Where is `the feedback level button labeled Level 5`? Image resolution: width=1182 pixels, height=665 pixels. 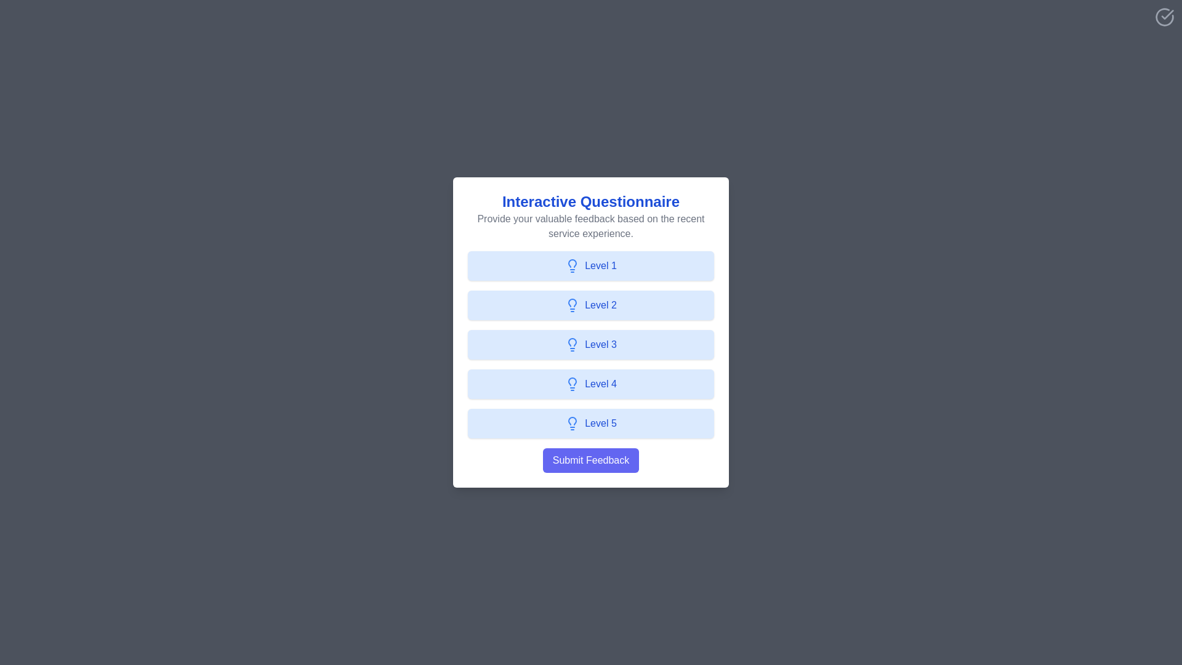 the feedback level button labeled Level 5 is located at coordinates (591, 422).